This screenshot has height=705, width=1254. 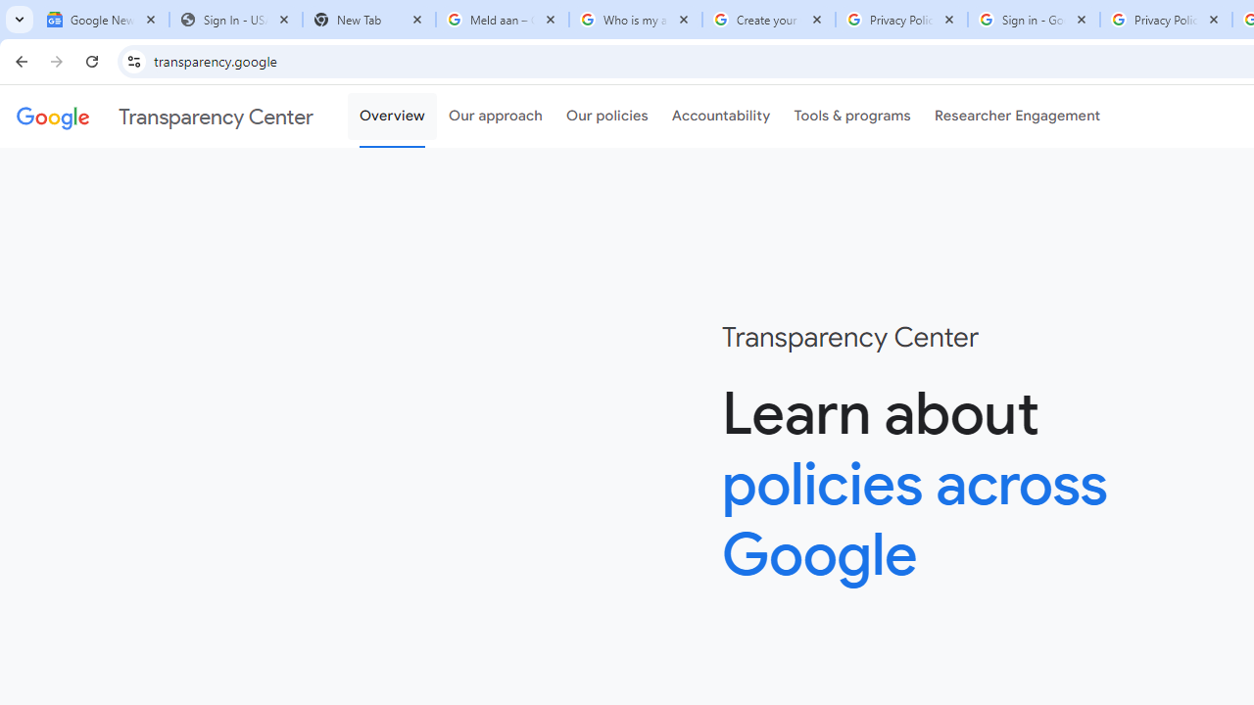 What do you see at coordinates (1017, 117) in the screenshot?
I see `'Researcher Engagement'` at bounding box center [1017, 117].